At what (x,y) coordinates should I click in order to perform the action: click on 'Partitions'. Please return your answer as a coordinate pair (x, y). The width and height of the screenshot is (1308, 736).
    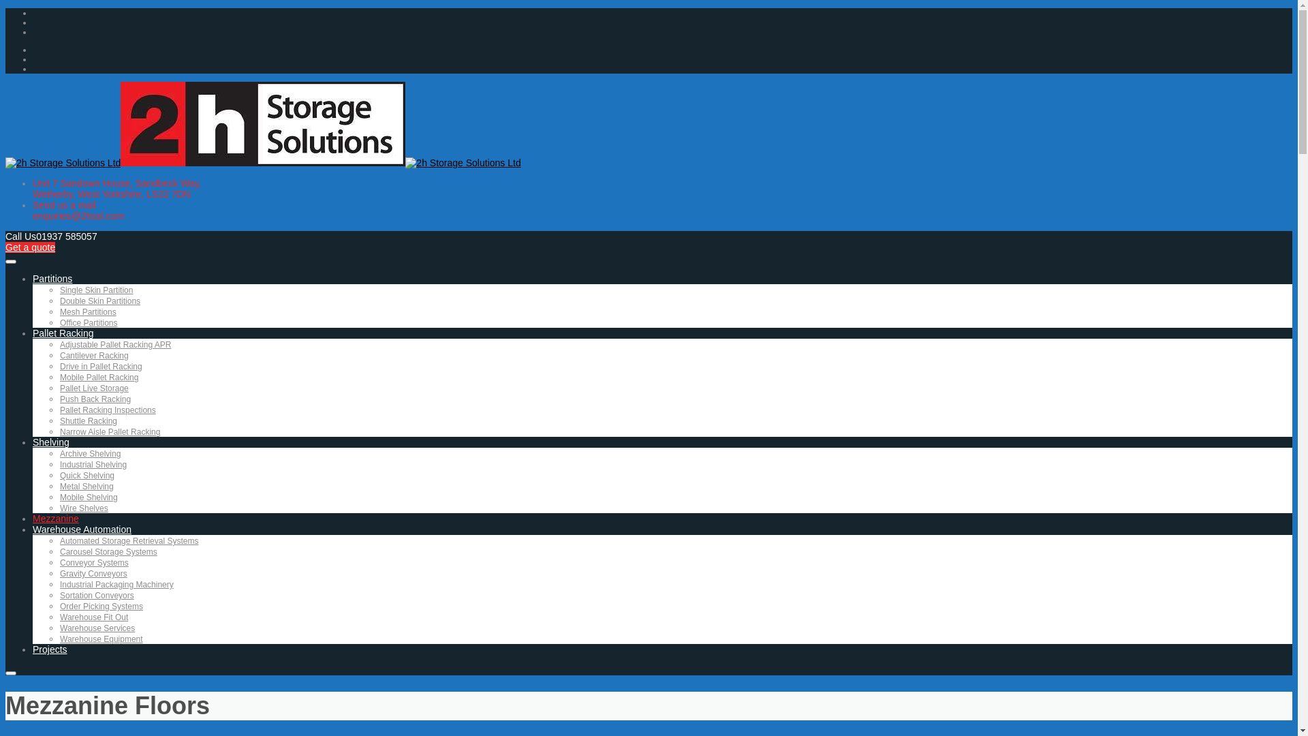
    Looking at the image, I should click on (52, 277).